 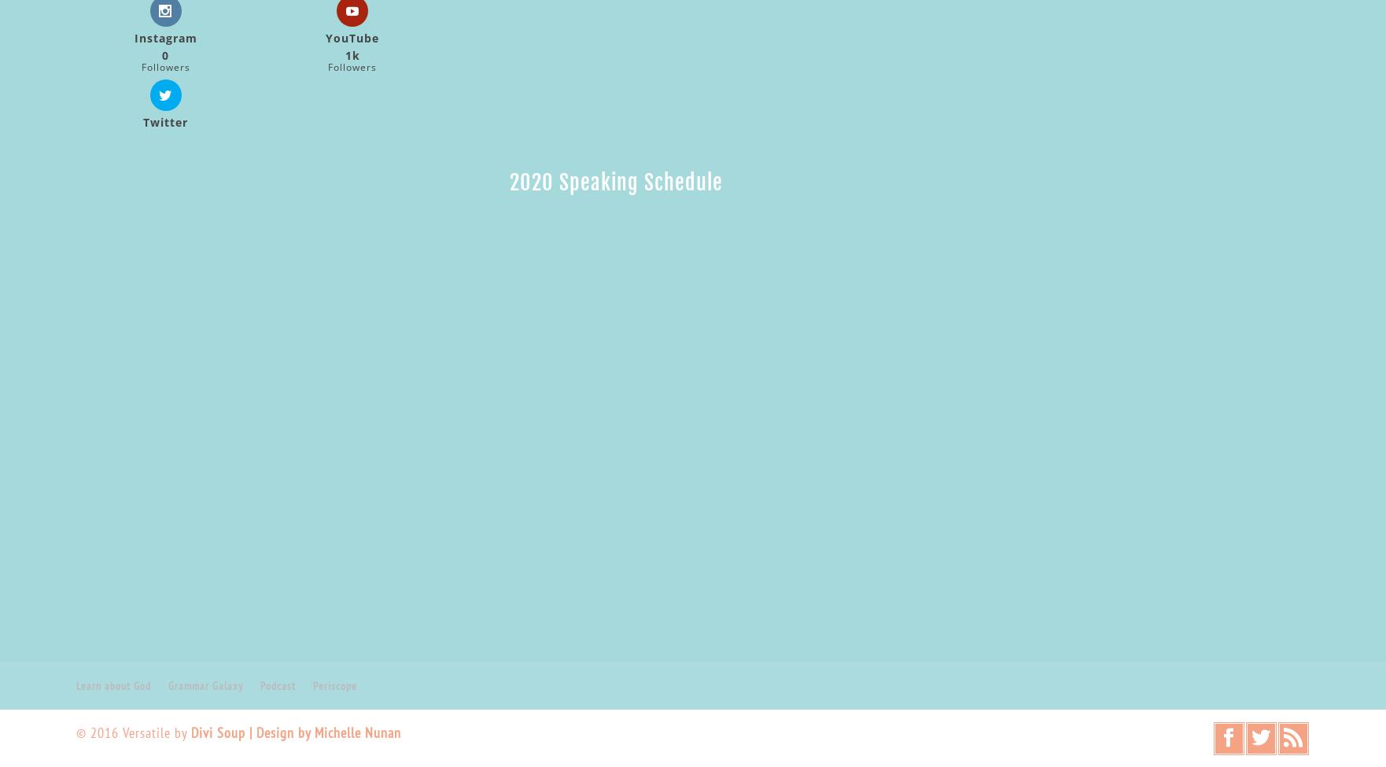 What do you see at coordinates (132, 732) in the screenshot?
I see `'© 2016 Versatile by'` at bounding box center [132, 732].